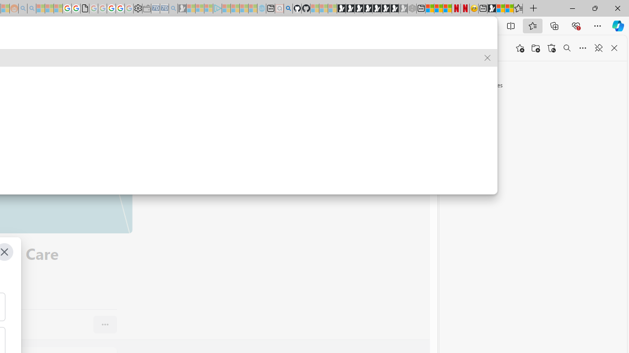 This screenshot has width=629, height=353. Describe the element at coordinates (487, 58) in the screenshot. I see `'Remove suggestion'` at that location.